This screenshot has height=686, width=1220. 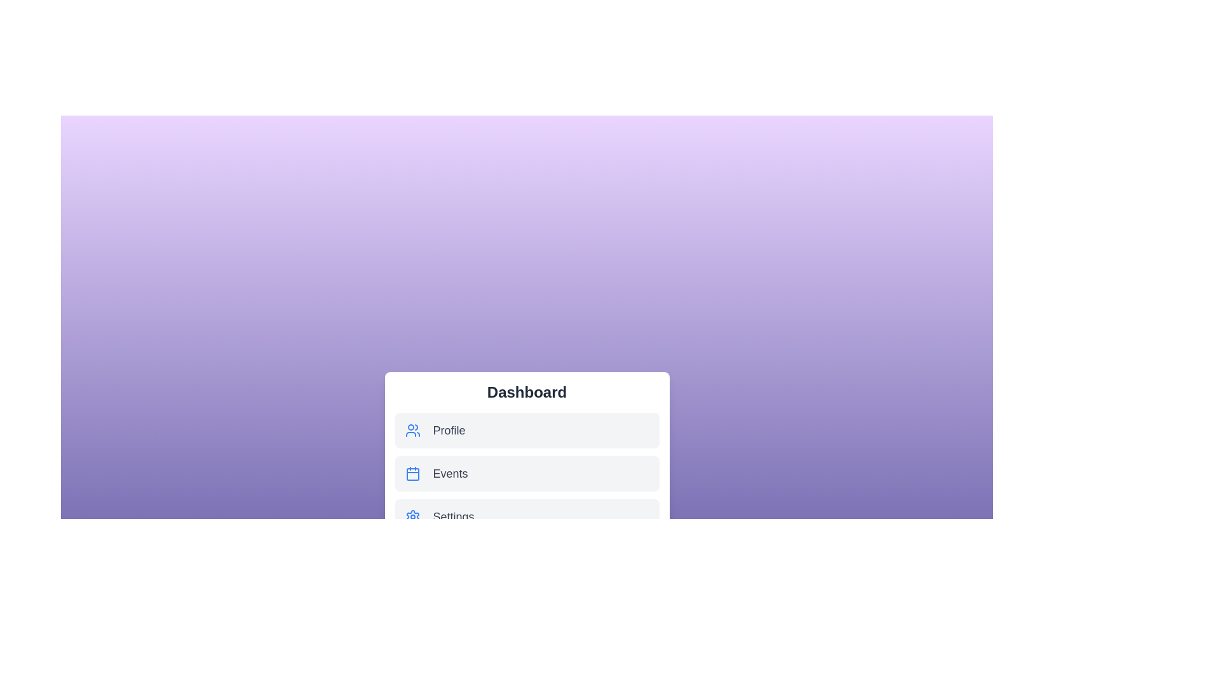 I want to click on the graphical decorator inside the calendar icon, which is located adjacent to the Events menu option, so click(x=412, y=474).